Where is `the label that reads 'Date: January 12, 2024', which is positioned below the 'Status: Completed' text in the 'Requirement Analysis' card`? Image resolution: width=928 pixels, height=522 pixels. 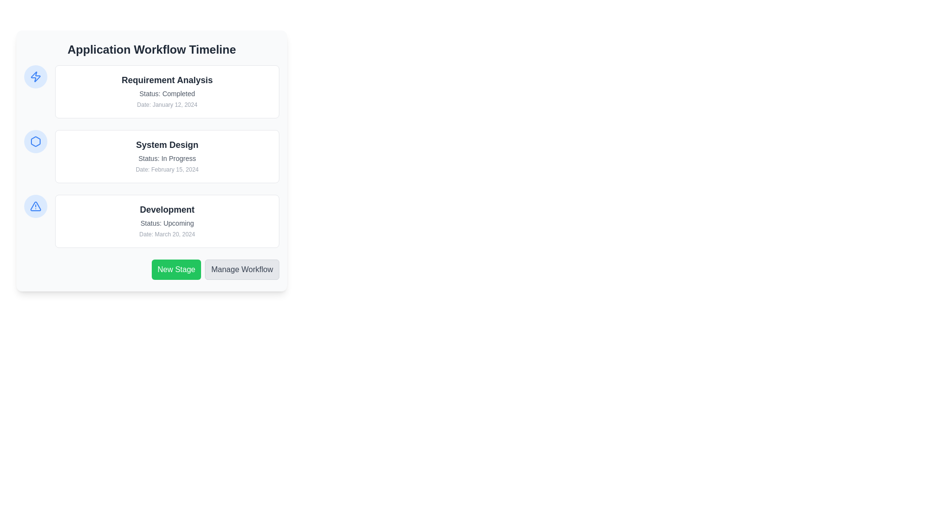 the label that reads 'Date: January 12, 2024', which is positioned below the 'Status: Completed' text in the 'Requirement Analysis' card is located at coordinates (167, 104).